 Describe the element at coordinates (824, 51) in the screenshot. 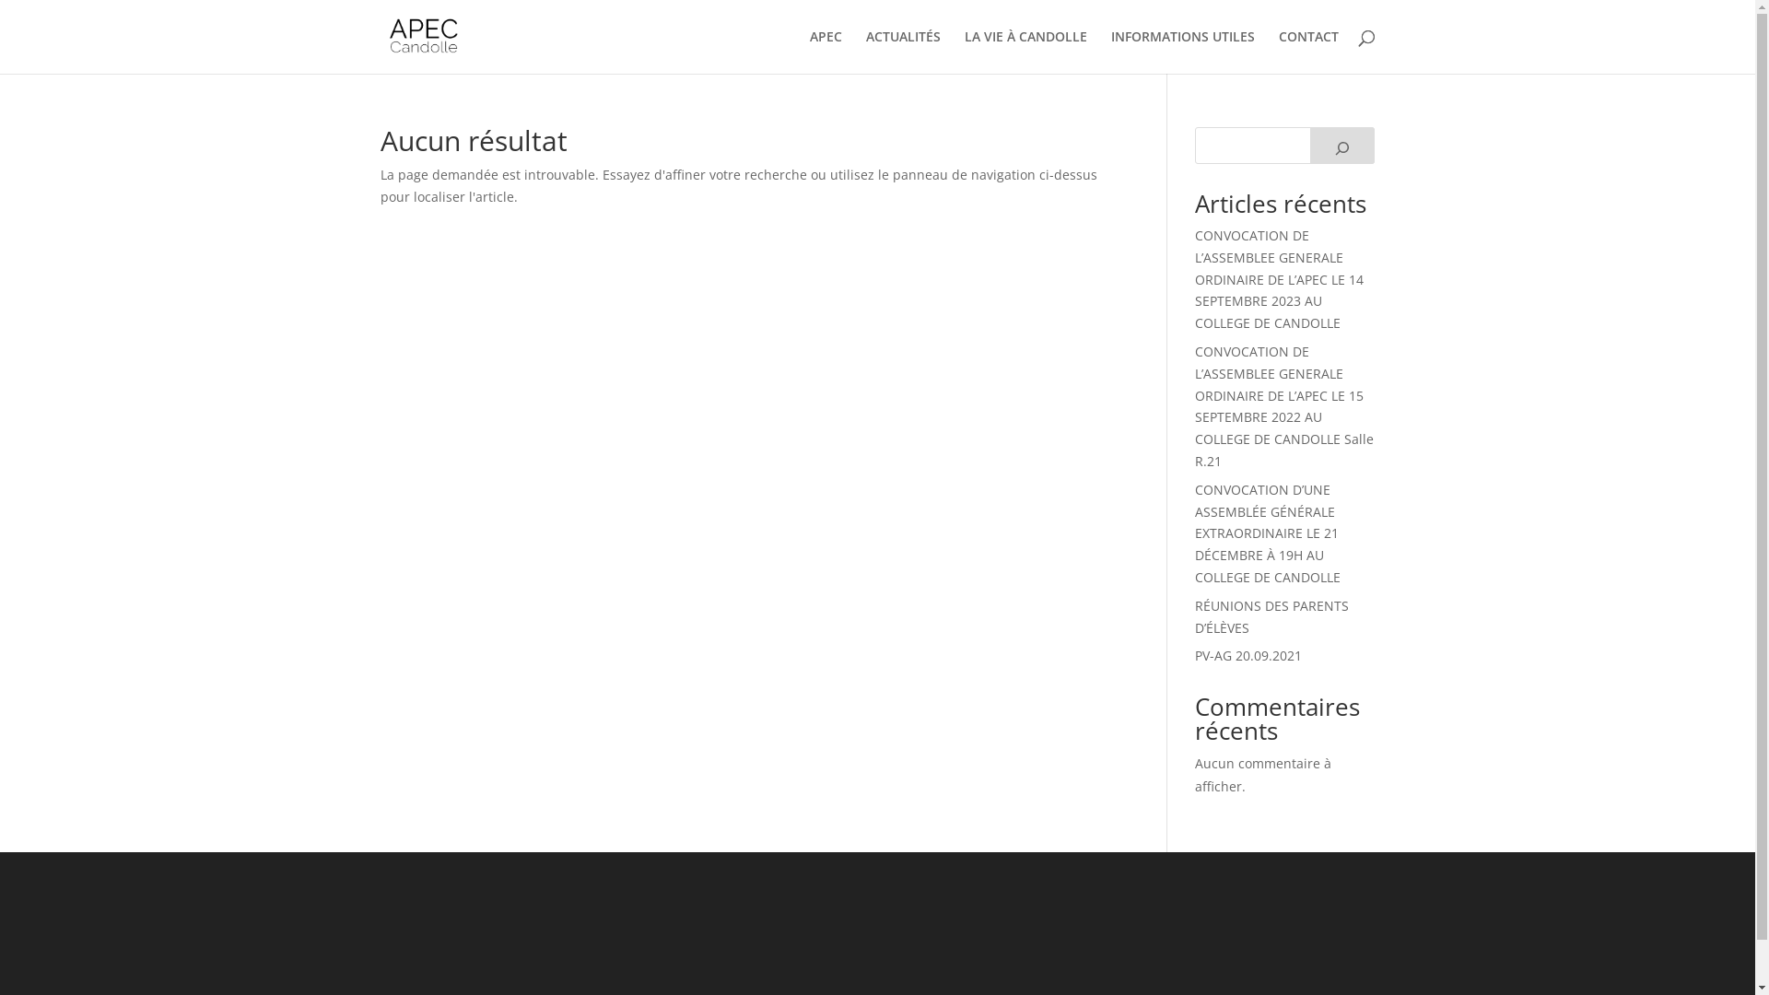

I see `'APEC'` at that location.